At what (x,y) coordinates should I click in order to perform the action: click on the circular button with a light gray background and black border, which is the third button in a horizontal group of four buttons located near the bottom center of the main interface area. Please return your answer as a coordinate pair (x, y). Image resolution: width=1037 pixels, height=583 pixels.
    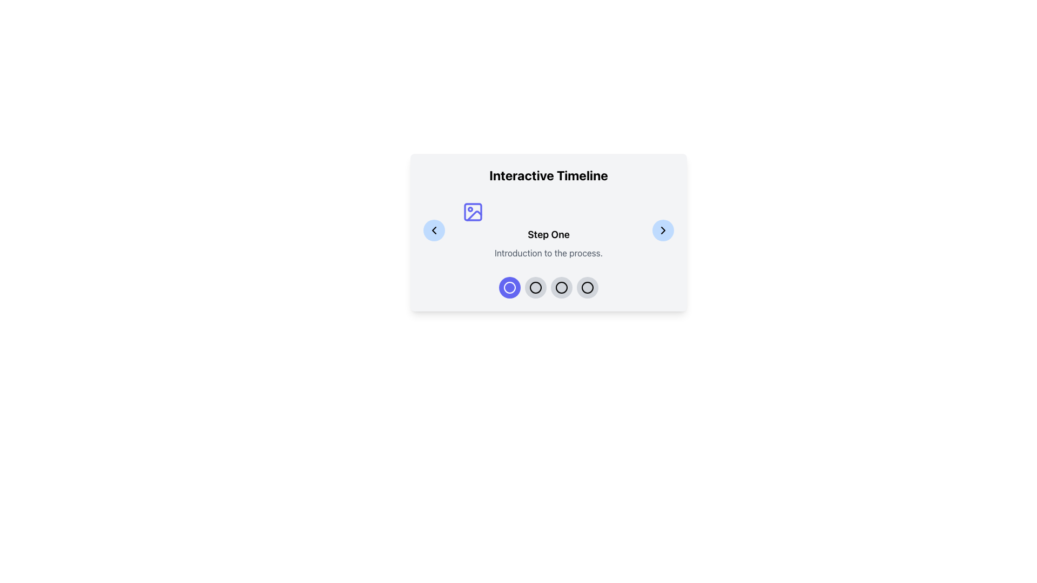
    Looking at the image, I should click on (562, 287).